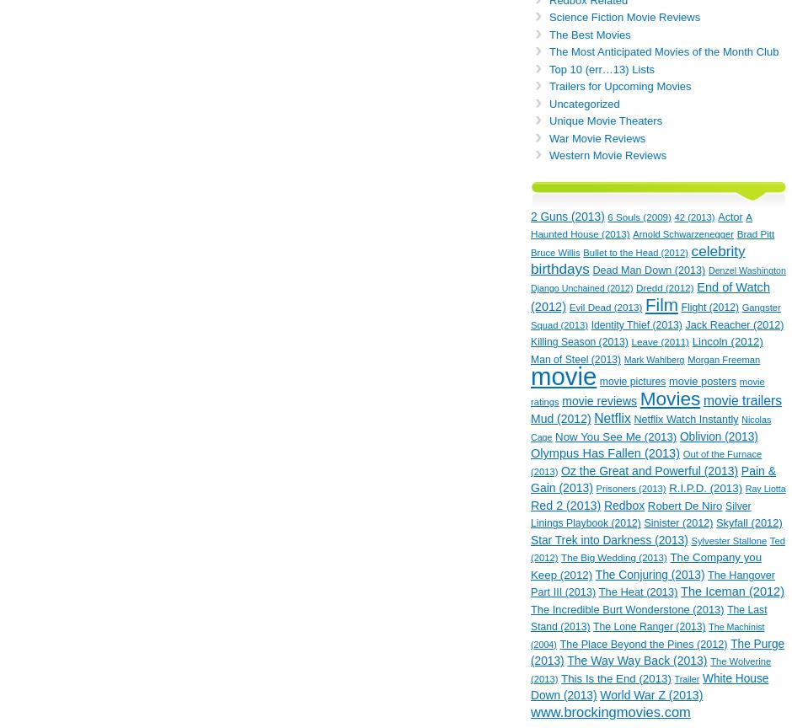 The width and height of the screenshot is (792, 728). I want to click on 'movie ratings', so click(646, 391).